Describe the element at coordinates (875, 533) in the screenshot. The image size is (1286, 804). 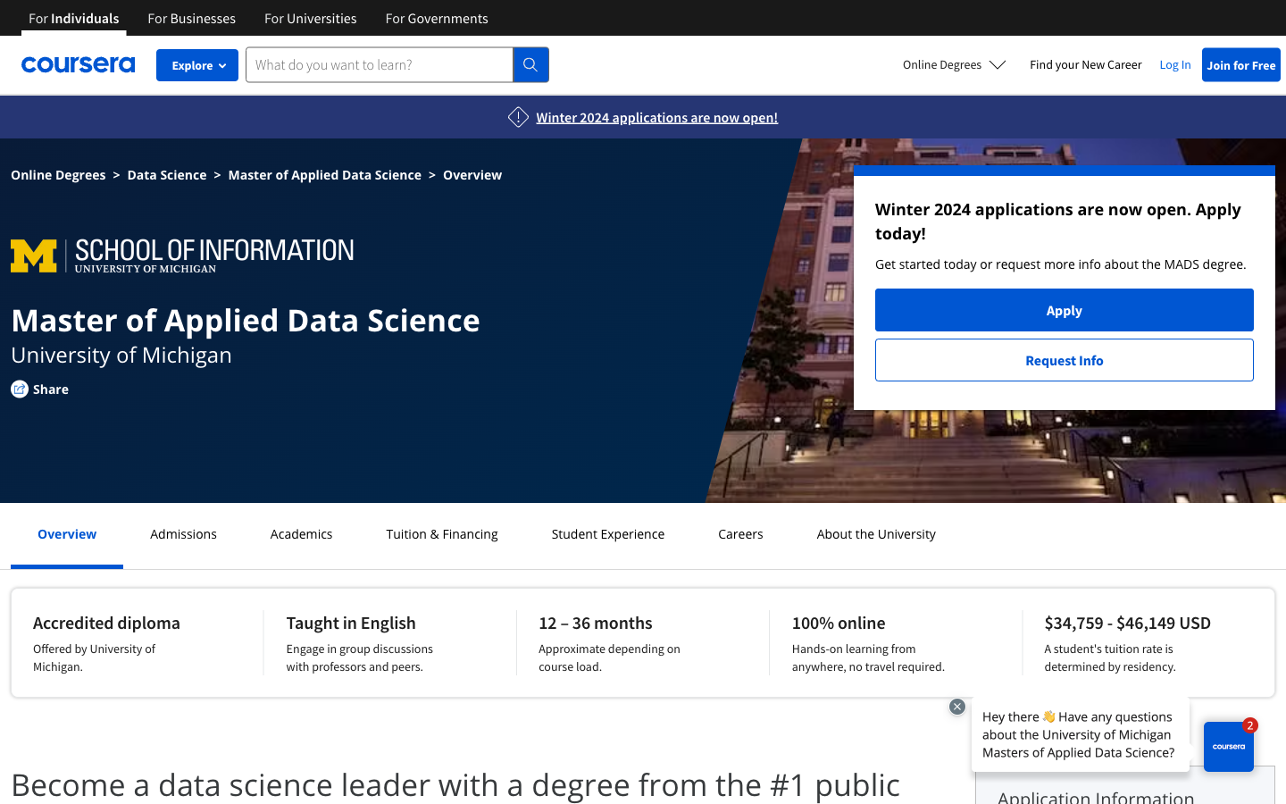
I see `Gather information about the university` at that location.